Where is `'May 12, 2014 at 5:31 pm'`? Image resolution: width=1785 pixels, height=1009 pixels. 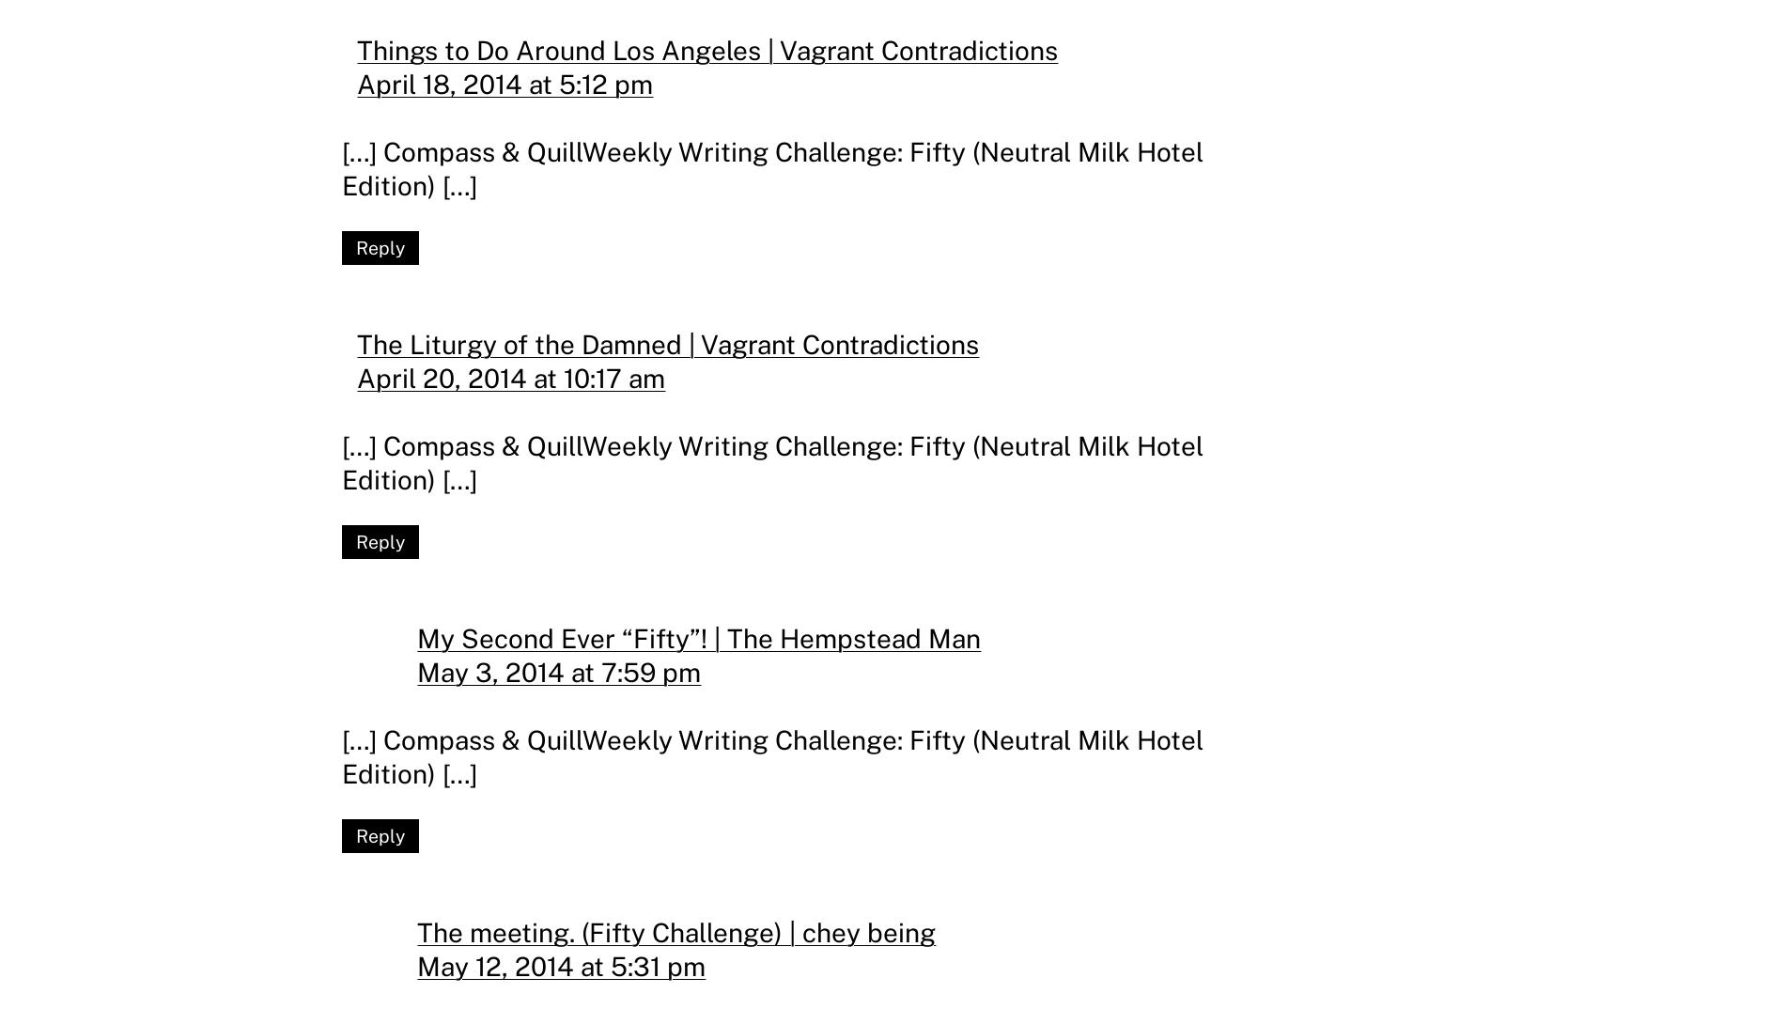 'May 12, 2014 at 5:31 pm' is located at coordinates (561, 966).